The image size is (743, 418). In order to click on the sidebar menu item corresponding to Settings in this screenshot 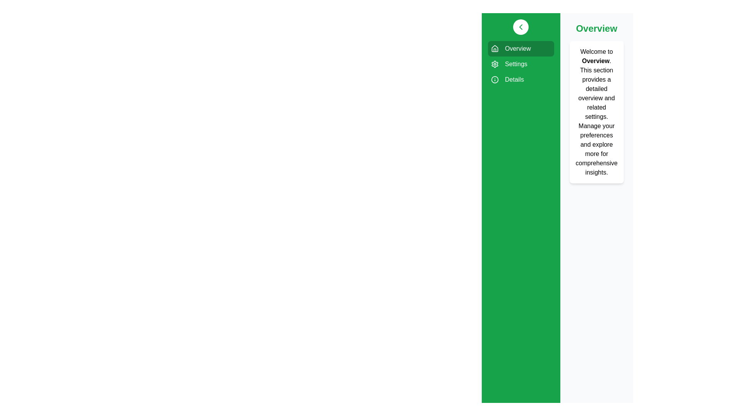, I will do `click(521, 63)`.